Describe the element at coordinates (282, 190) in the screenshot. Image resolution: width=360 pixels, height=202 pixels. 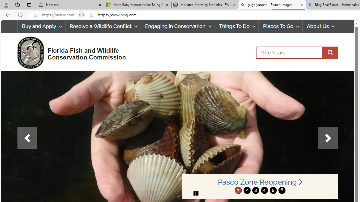
I see `'6'` at that location.